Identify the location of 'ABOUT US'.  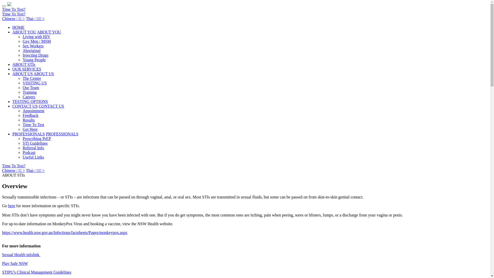
(43, 74).